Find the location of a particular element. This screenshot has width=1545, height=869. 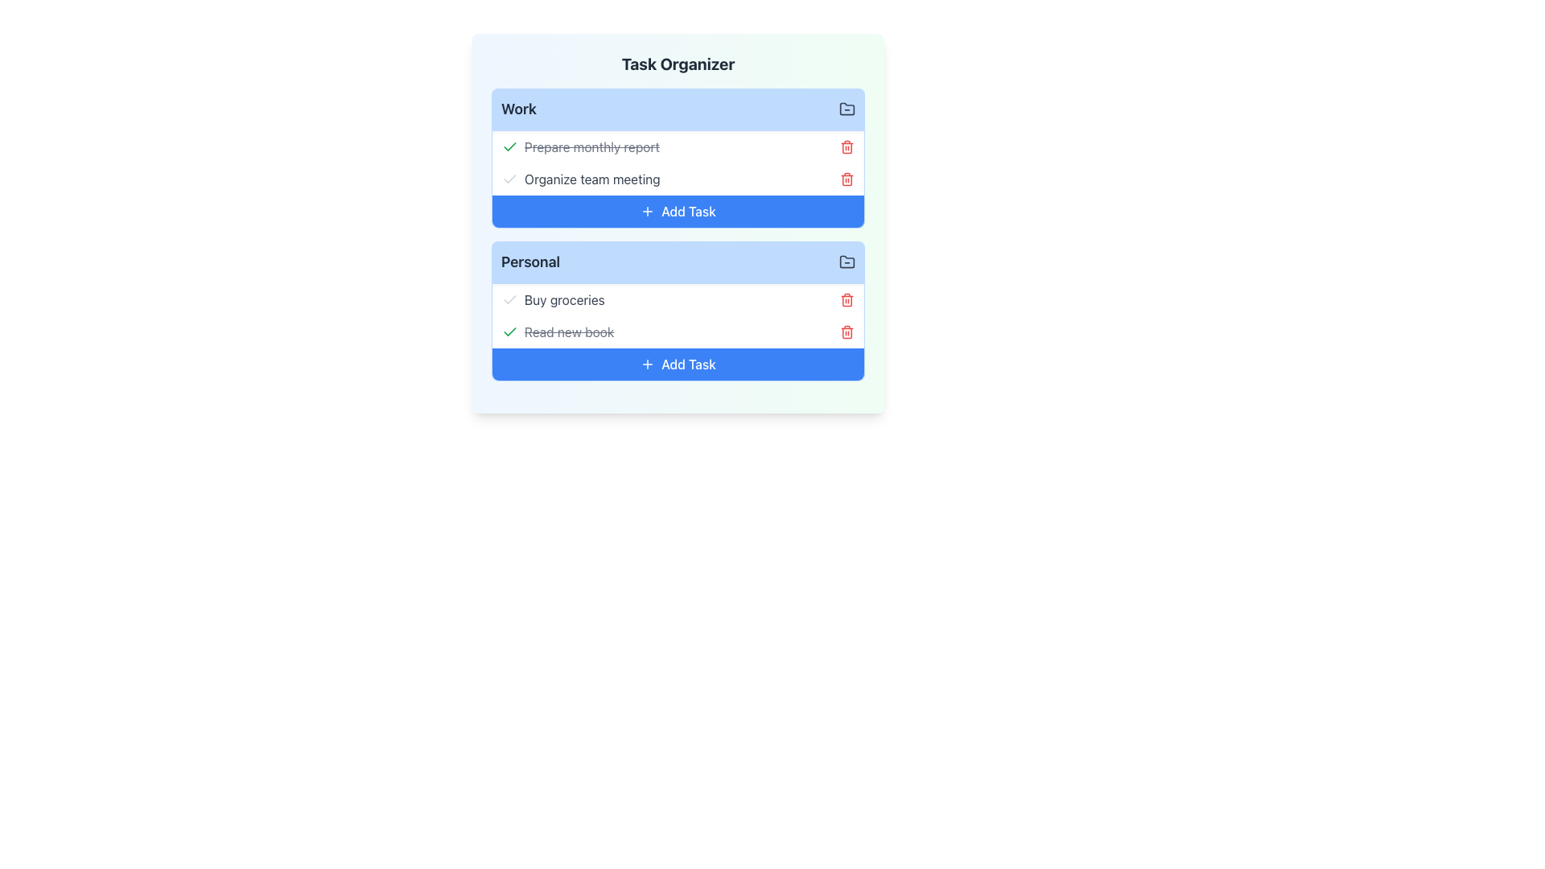

the red trash can icon is located at coordinates (846, 331).